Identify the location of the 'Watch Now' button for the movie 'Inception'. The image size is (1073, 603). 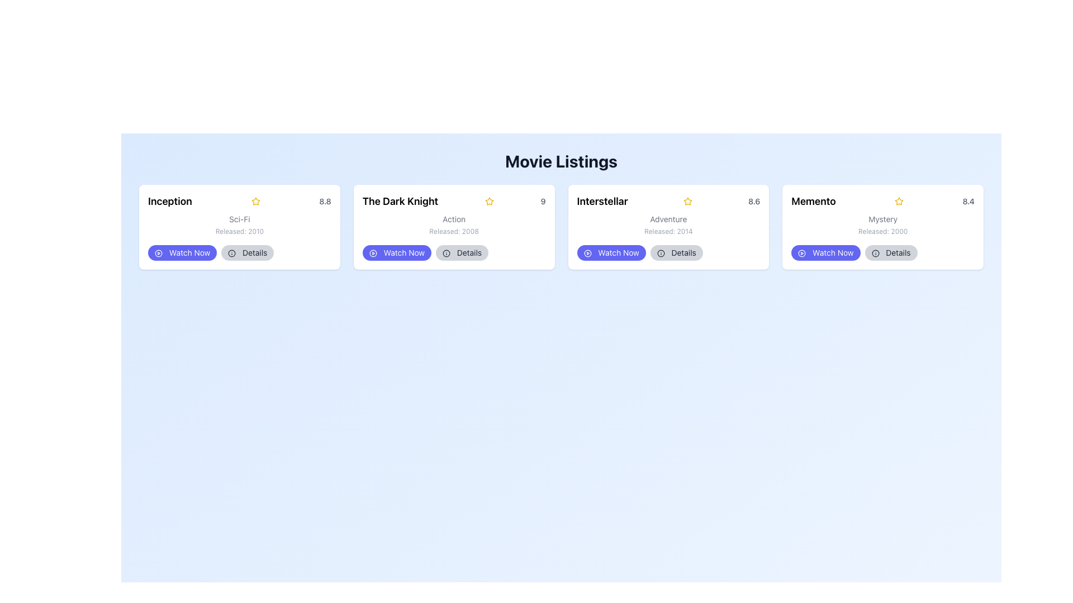
(182, 252).